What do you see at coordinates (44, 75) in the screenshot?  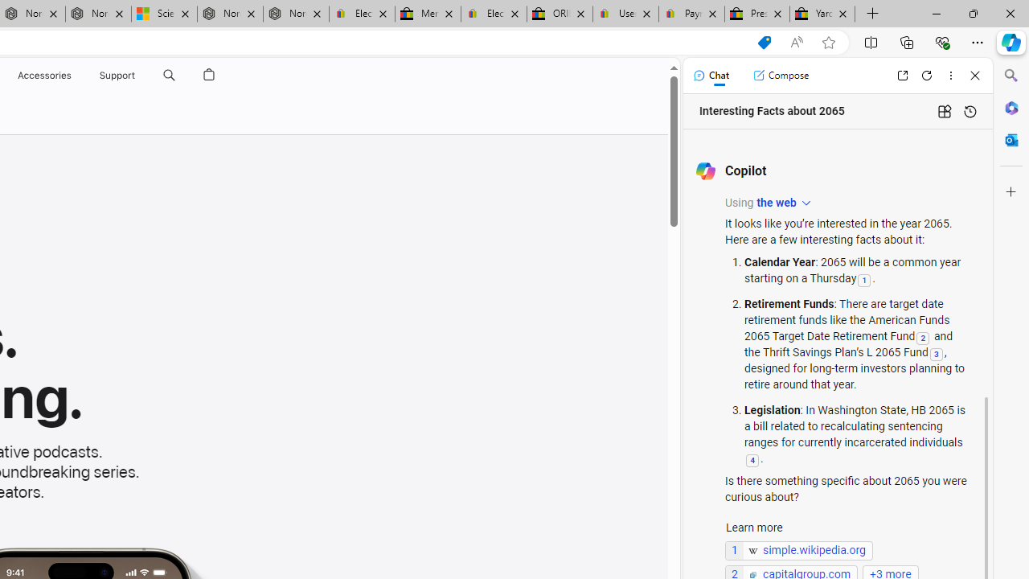 I see `'Accessories'` at bounding box center [44, 75].